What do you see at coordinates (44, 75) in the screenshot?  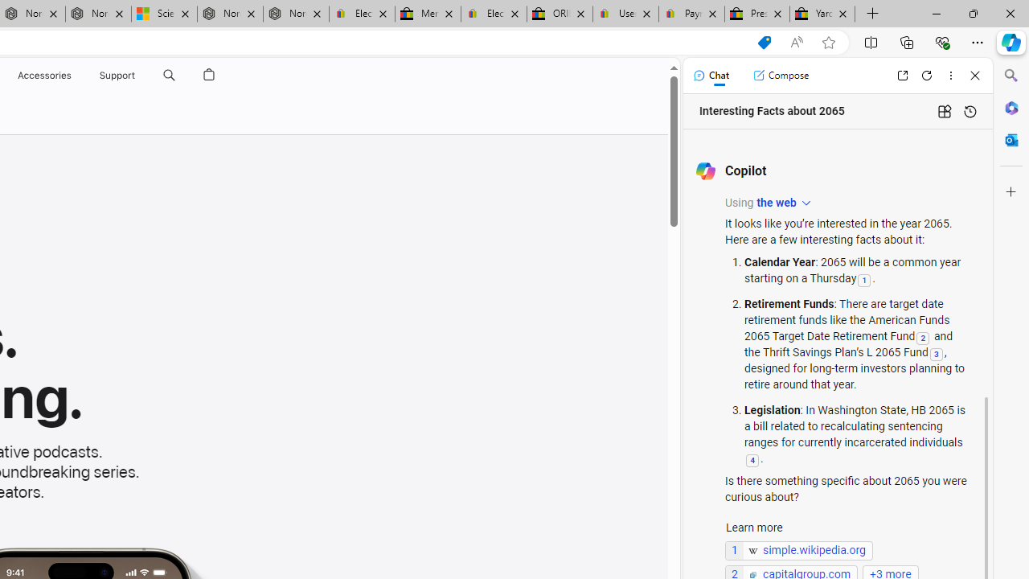 I see `'Accessories'` at bounding box center [44, 75].